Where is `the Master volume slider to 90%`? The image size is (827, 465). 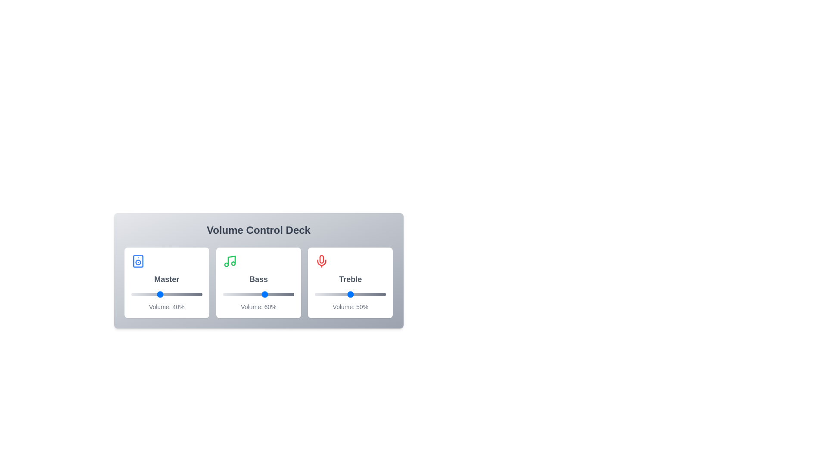 the Master volume slider to 90% is located at coordinates (195, 294).